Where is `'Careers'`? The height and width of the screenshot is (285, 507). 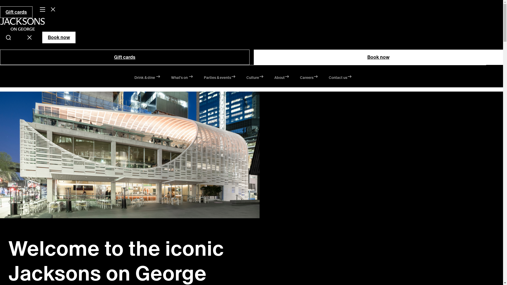
'Careers' is located at coordinates (309, 78).